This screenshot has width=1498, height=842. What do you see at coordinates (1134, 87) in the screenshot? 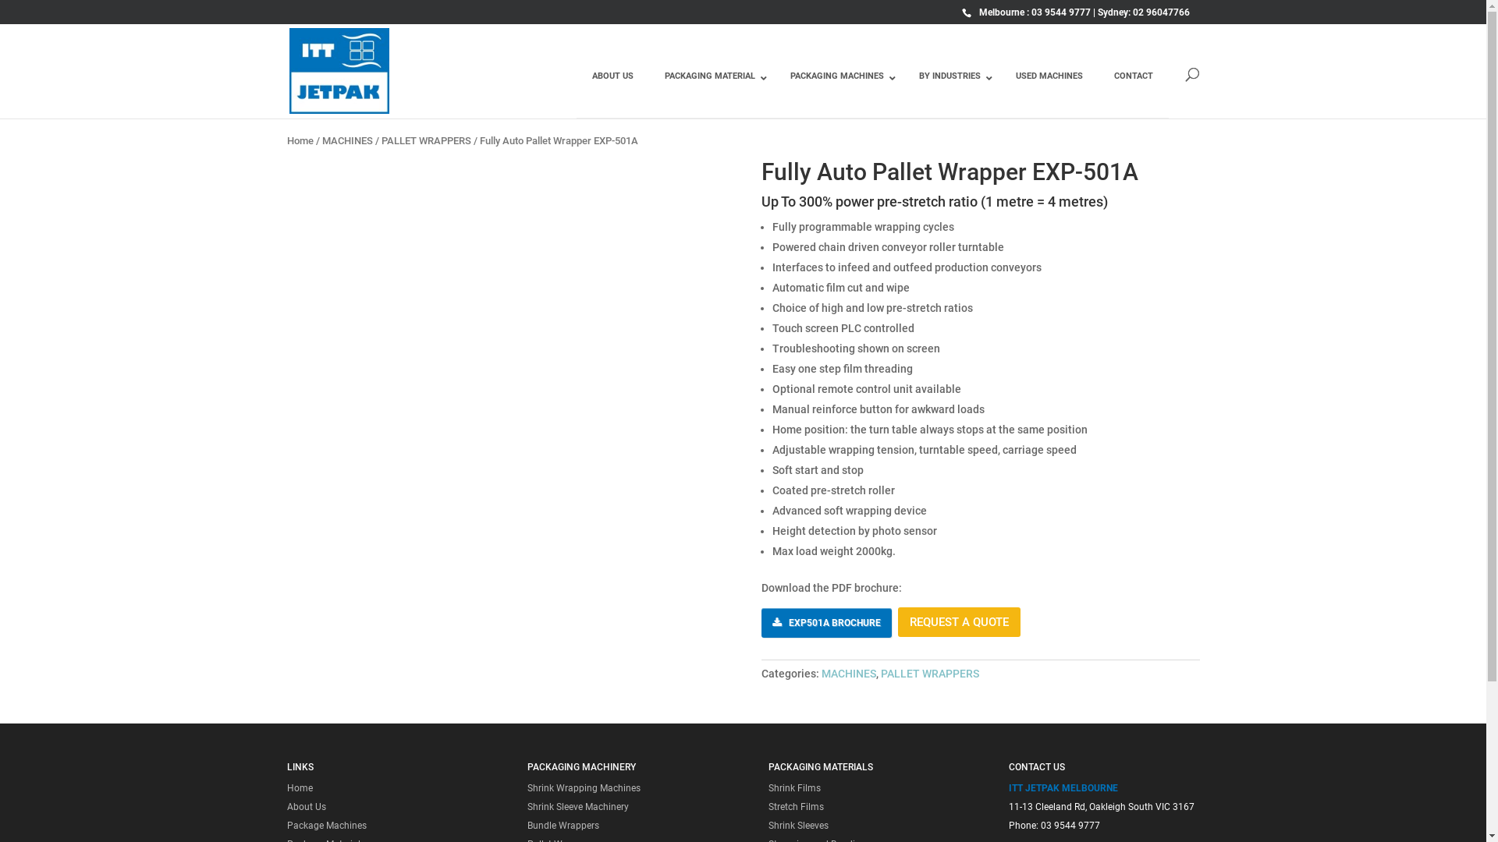
I see `'CONTACT'` at bounding box center [1134, 87].